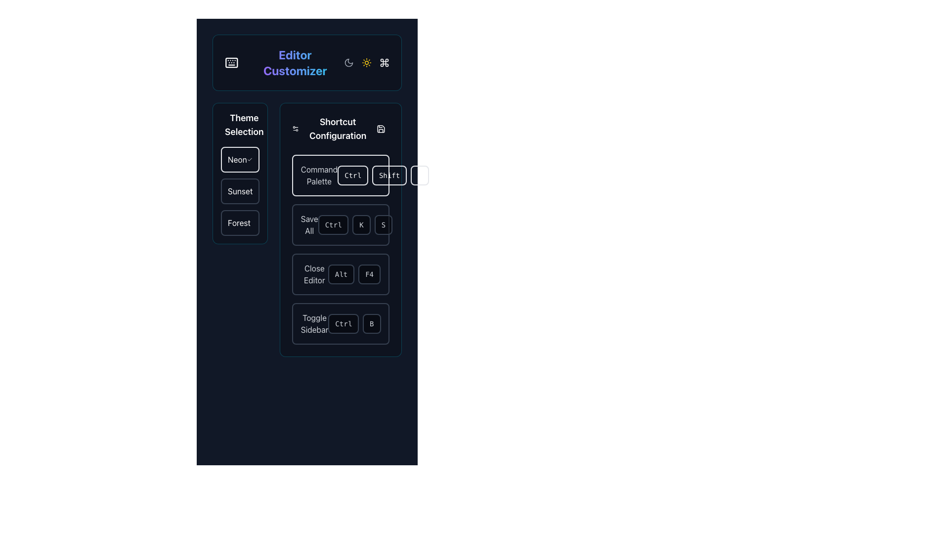 The height and width of the screenshot is (534, 949). What do you see at coordinates (381, 129) in the screenshot?
I see `the save icon located in the upper-right corner of the 'Shortcut Configuration' pane` at bounding box center [381, 129].